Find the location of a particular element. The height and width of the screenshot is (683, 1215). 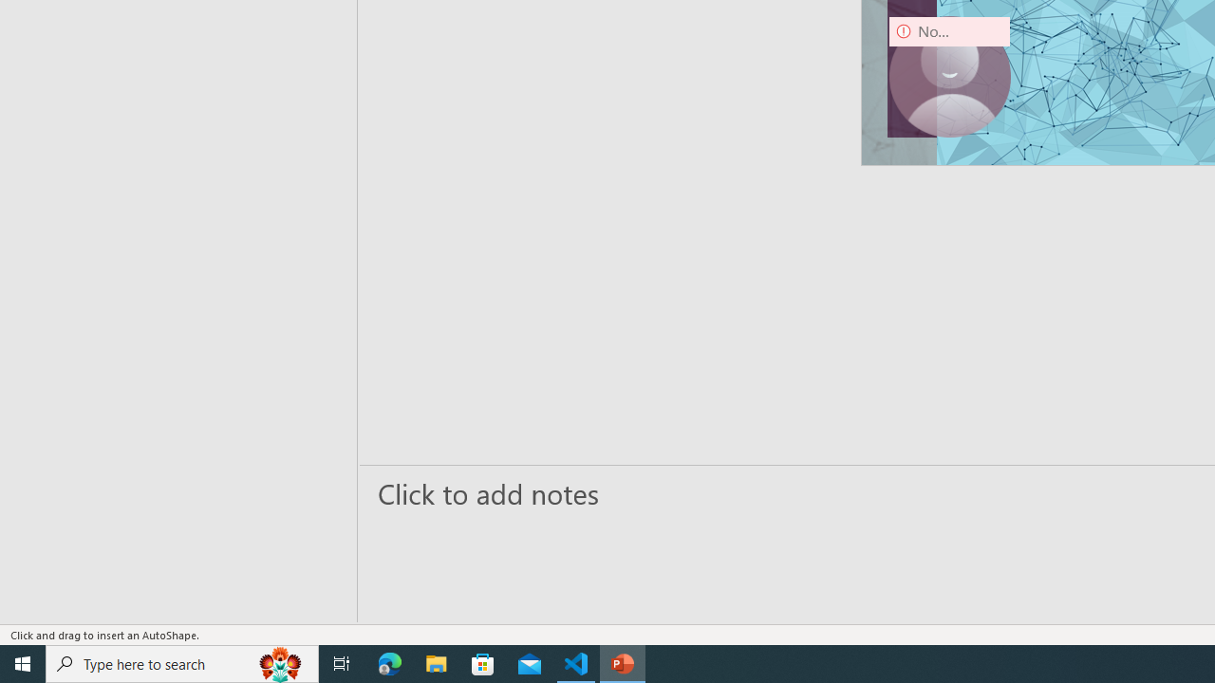

'Camera 9, No camera detected.' is located at coordinates (949, 76).